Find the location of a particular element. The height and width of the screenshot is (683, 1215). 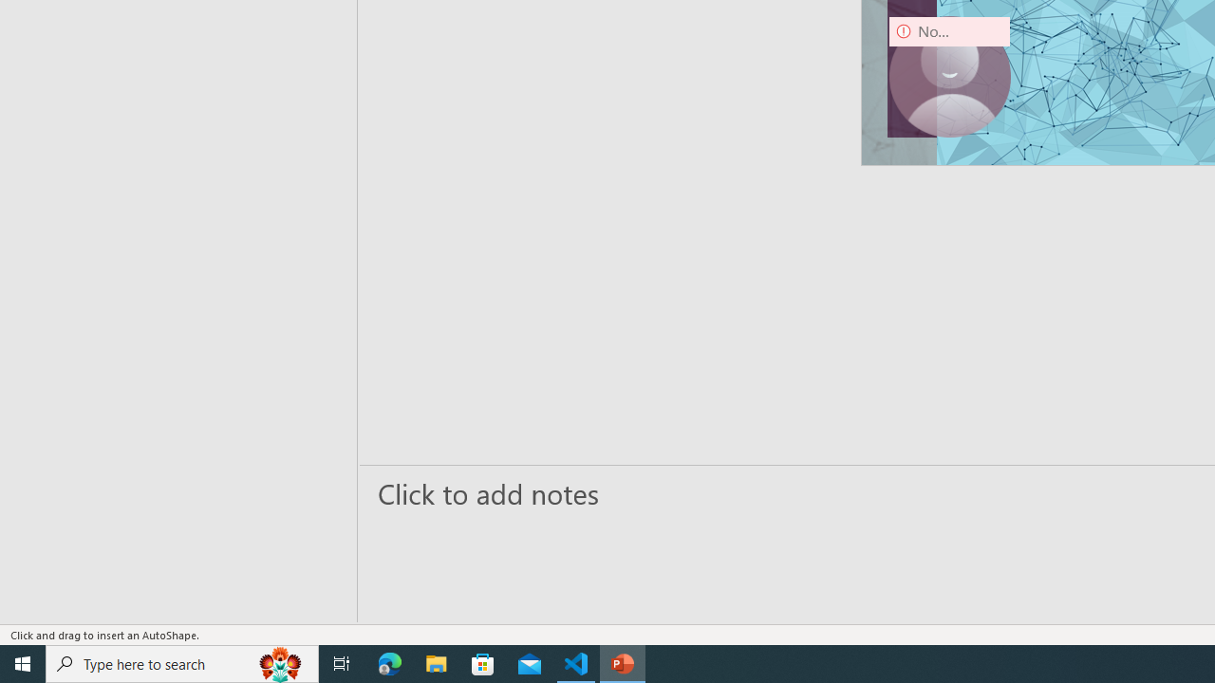

'Camera 9, No camera detected.' is located at coordinates (949, 76).